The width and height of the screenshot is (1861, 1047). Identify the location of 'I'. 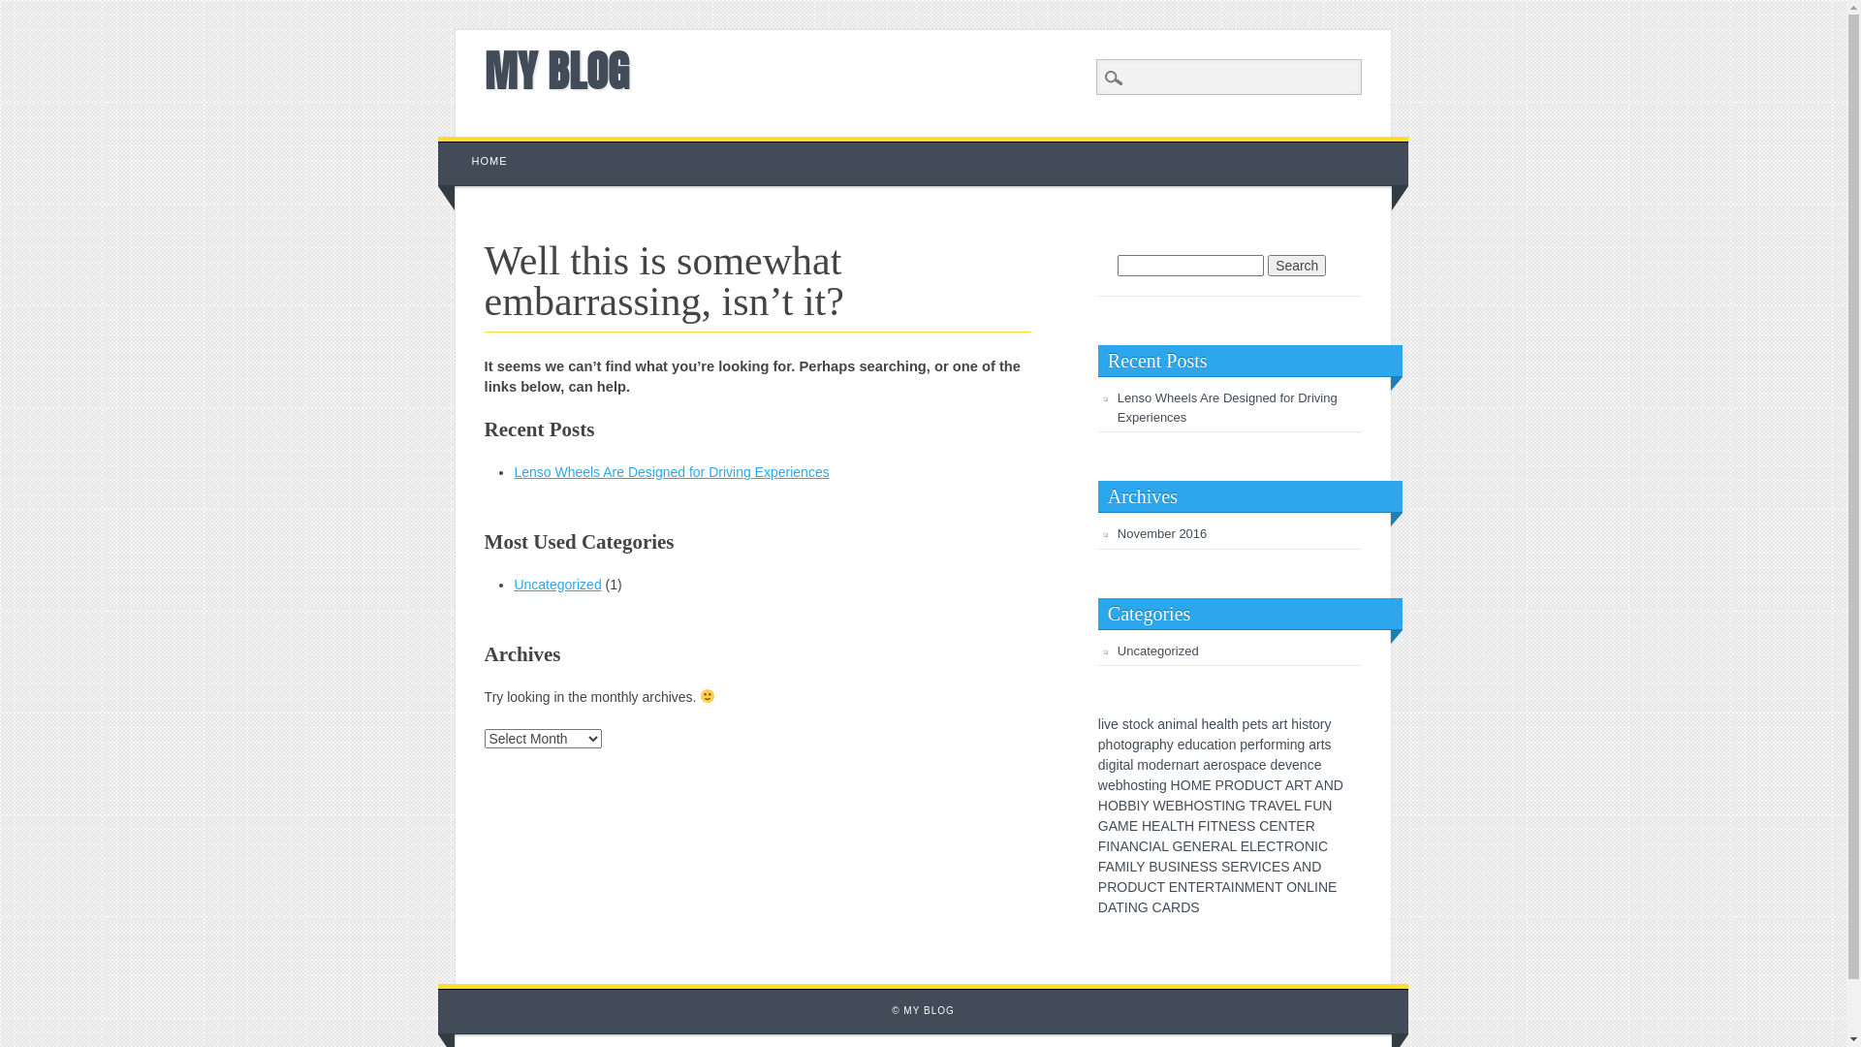
(1316, 886).